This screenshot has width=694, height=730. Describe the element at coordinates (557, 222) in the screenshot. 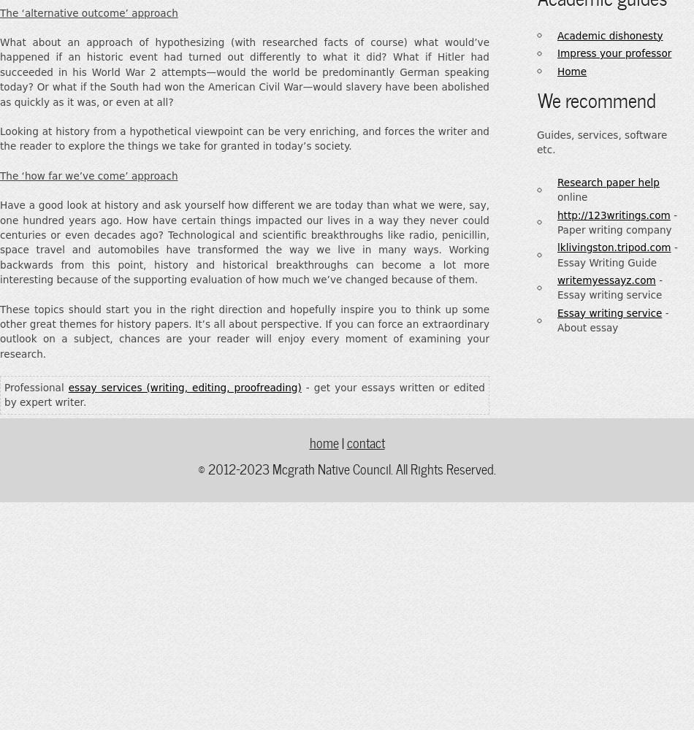

I see `'- Paper writing company'` at that location.